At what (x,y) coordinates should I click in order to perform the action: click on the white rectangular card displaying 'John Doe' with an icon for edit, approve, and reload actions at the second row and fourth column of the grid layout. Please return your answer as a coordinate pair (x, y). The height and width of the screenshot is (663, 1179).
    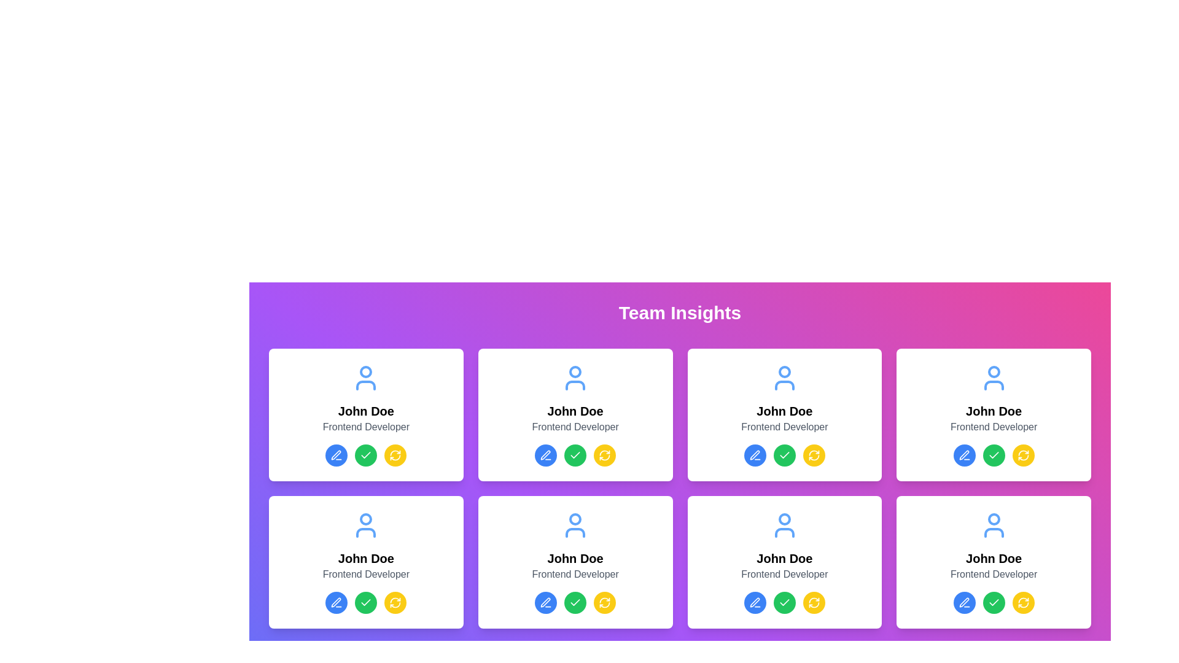
    Looking at the image, I should click on (784, 562).